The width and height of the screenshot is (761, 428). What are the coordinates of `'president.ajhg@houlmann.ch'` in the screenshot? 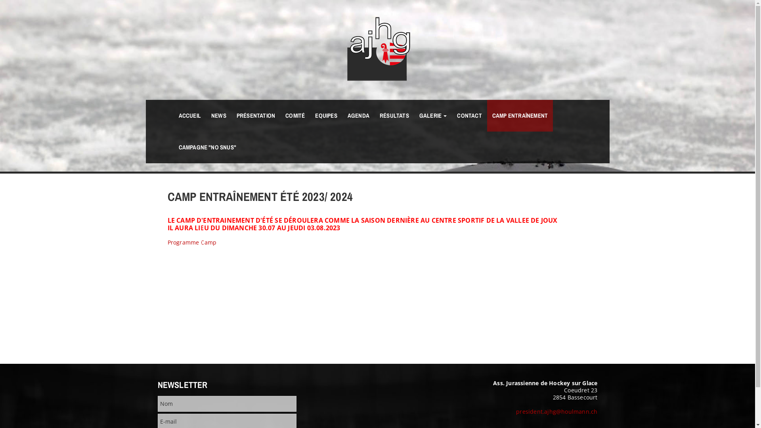 It's located at (556, 411).